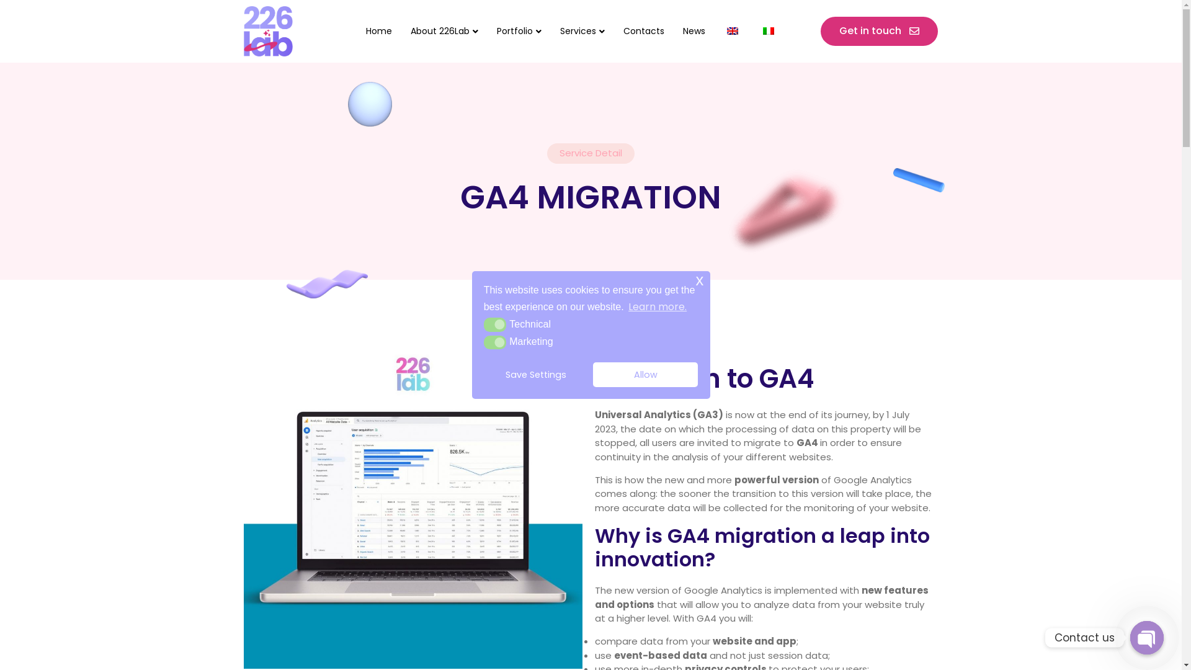 This screenshot has height=670, width=1191. What do you see at coordinates (626, 306) in the screenshot?
I see `'Learn more.'` at bounding box center [626, 306].